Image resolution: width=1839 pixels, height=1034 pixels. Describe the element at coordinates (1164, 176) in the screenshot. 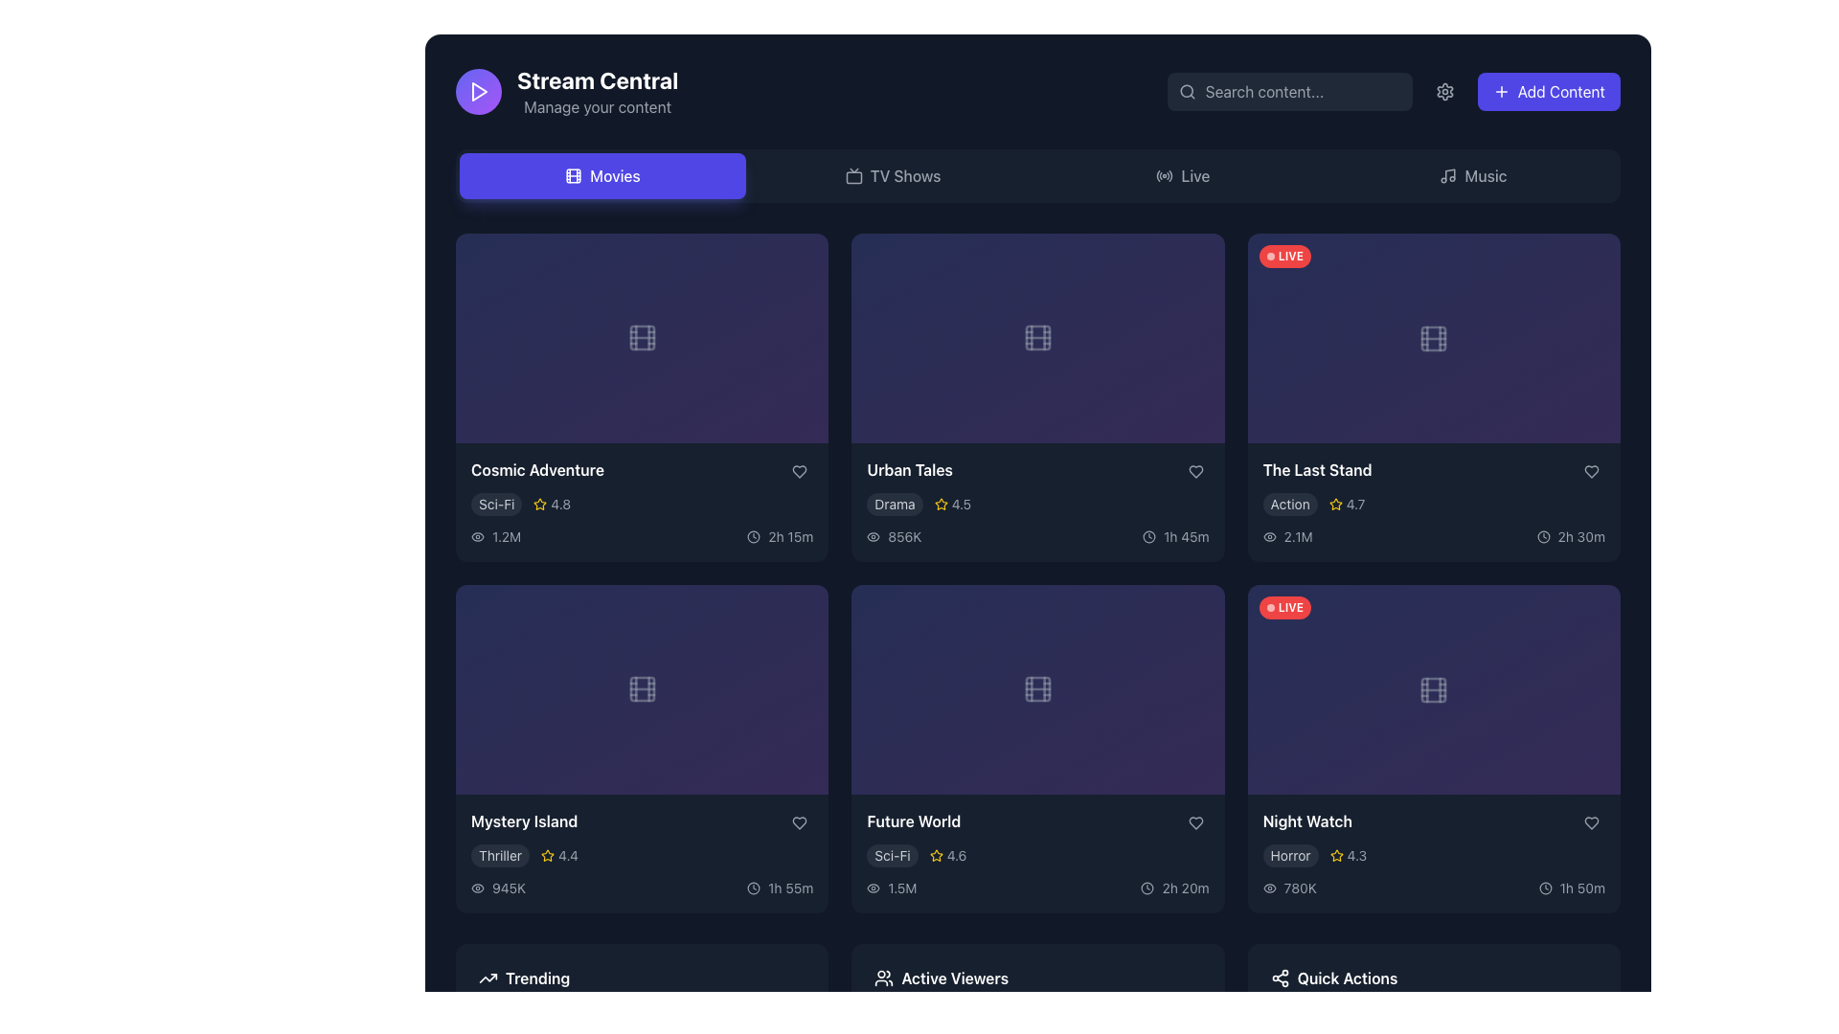

I see `the 'Live' icon in the navigation bar` at that location.